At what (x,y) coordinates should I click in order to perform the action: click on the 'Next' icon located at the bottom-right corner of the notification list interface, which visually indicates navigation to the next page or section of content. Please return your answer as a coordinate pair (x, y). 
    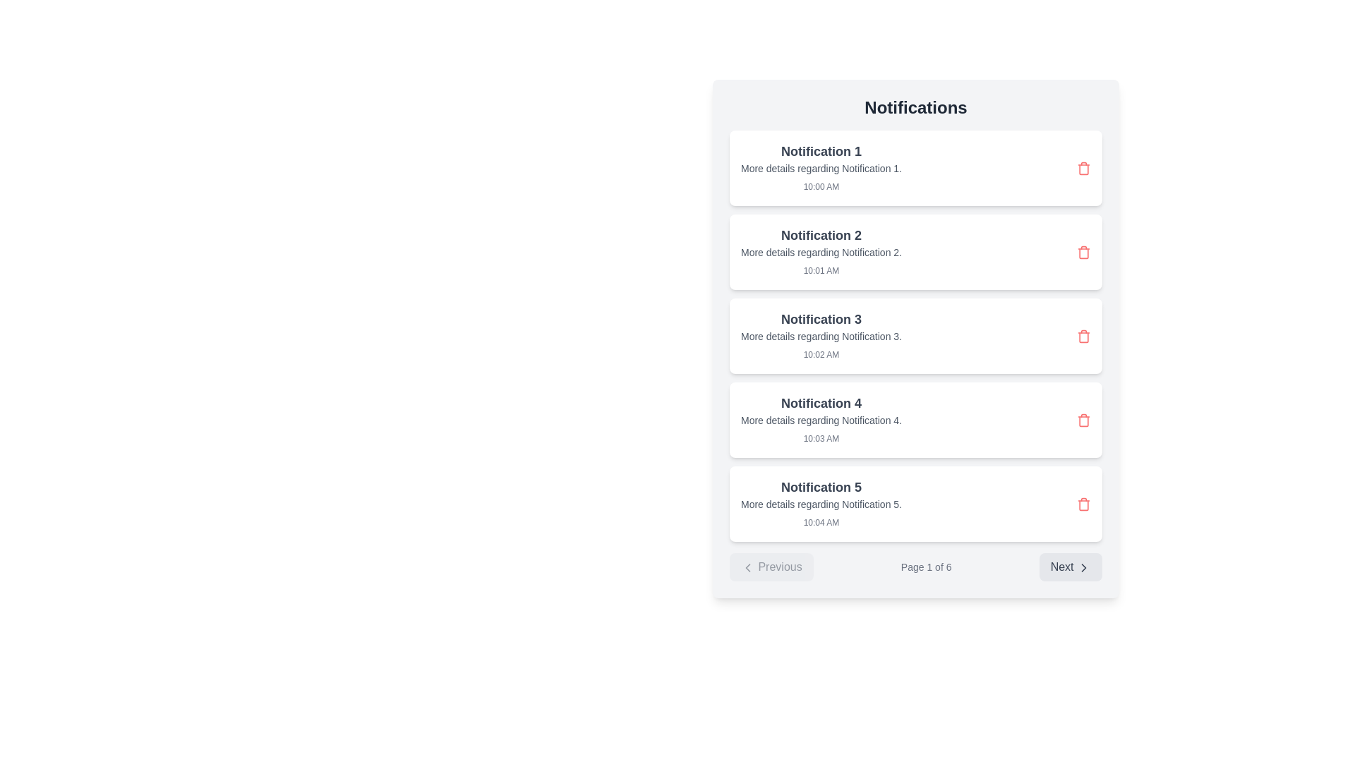
    Looking at the image, I should click on (1083, 567).